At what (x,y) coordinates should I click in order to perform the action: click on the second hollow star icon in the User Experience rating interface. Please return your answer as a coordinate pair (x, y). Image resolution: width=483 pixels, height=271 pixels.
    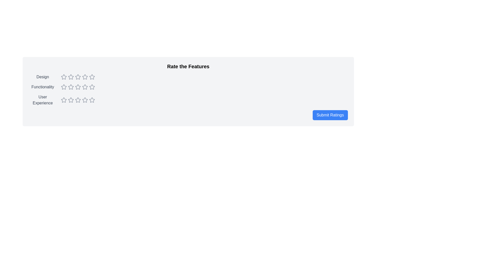
    Looking at the image, I should click on (78, 100).